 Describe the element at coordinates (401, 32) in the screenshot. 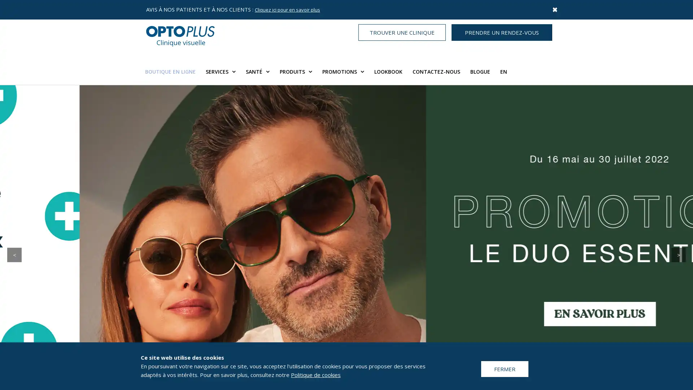

I see `TROUVER UNE CLINIQUE` at that location.